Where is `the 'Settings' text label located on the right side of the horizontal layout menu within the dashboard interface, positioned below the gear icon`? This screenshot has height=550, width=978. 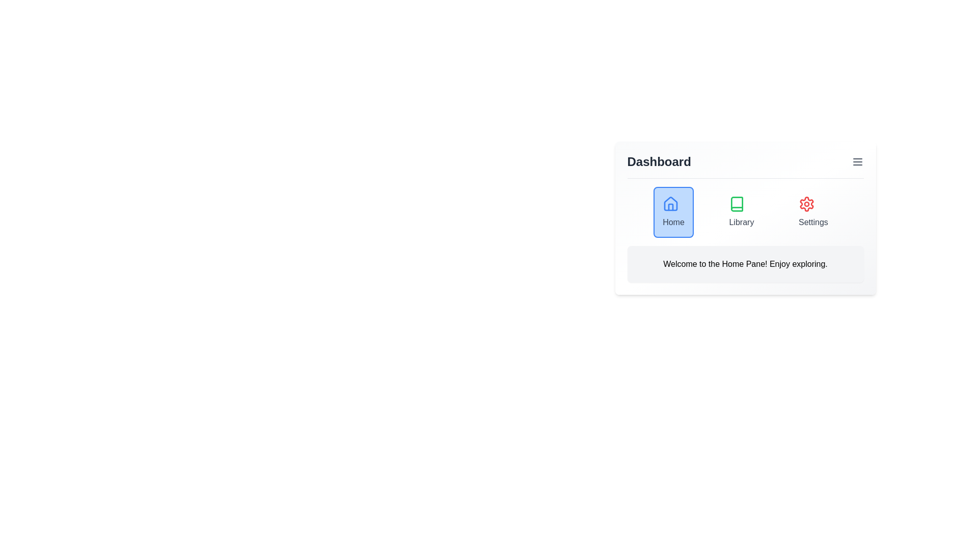 the 'Settings' text label located on the right side of the horizontal layout menu within the dashboard interface, positioned below the gear icon is located at coordinates (812, 222).